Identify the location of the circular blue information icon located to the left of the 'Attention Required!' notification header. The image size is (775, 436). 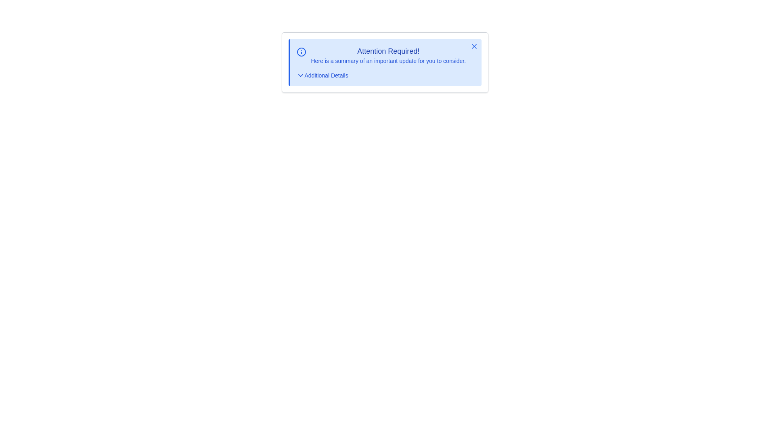
(301, 52).